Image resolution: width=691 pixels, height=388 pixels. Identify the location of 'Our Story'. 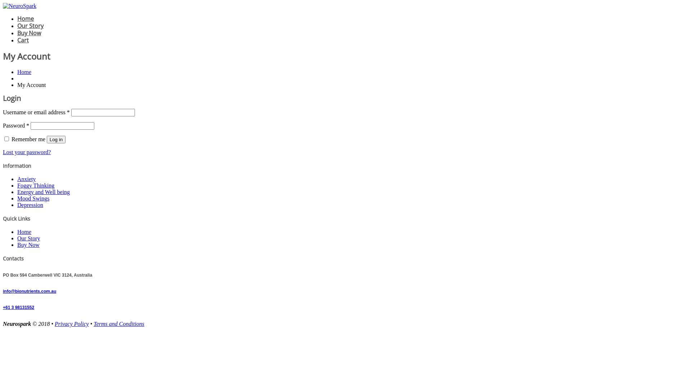
(29, 238).